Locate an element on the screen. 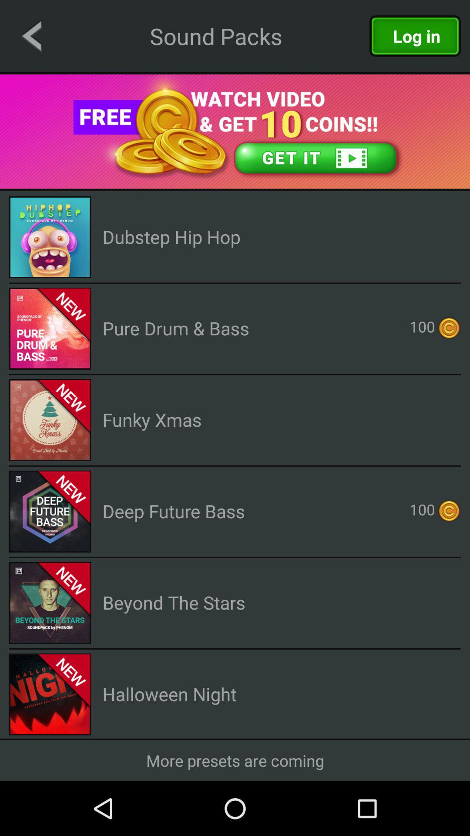  the item next to 100 icon is located at coordinates (174, 511).